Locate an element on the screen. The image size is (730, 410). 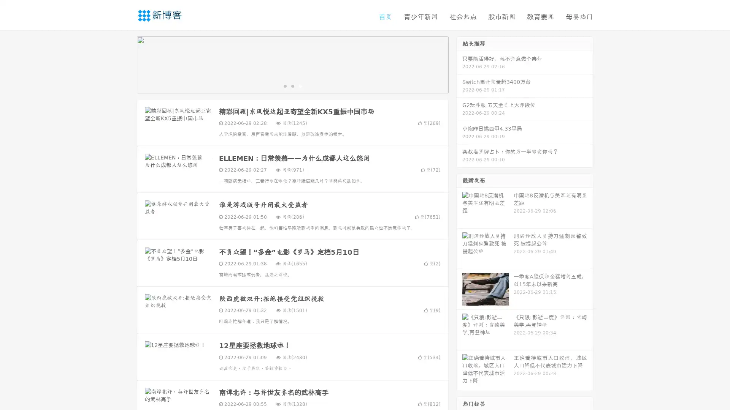
Next slide is located at coordinates (459, 64).